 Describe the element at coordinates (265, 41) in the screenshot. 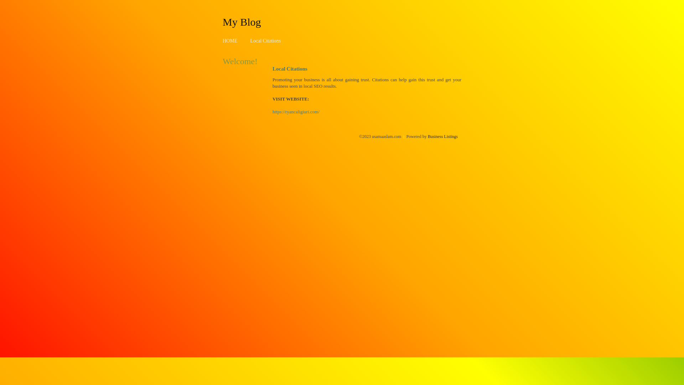

I see `'Local Citations'` at that location.